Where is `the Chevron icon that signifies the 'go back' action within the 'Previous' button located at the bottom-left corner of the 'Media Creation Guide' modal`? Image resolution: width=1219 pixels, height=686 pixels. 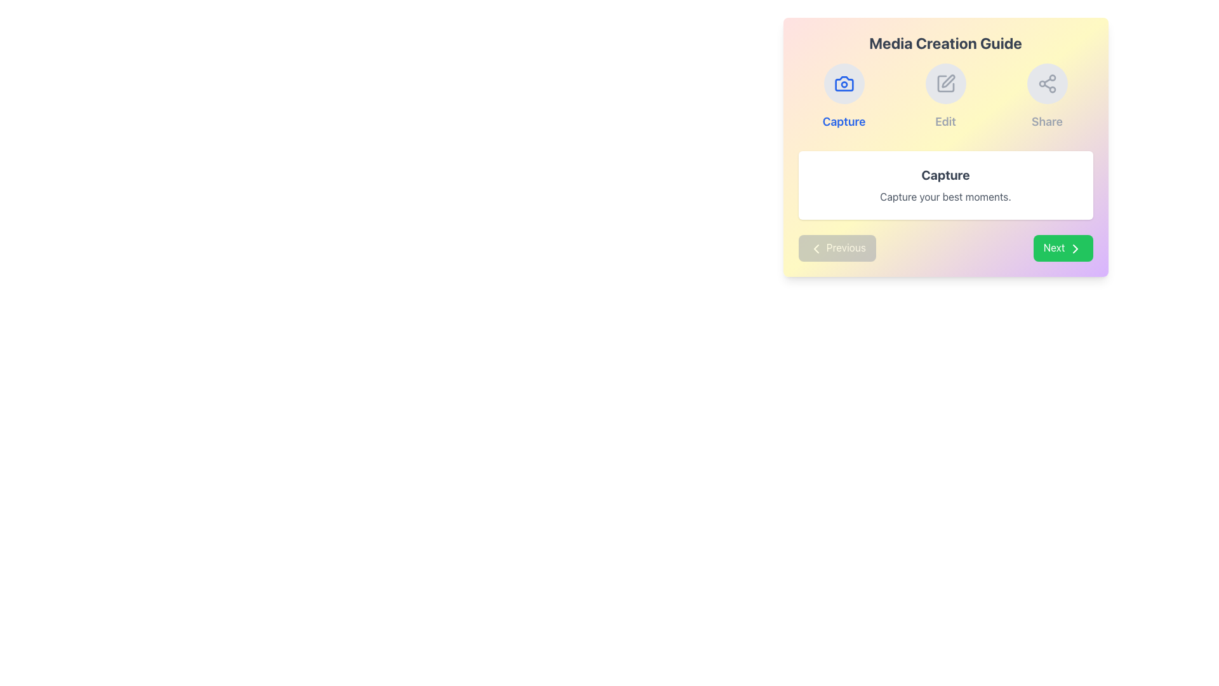 the Chevron icon that signifies the 'go back' action within the 'Previous' button located at the bottom-left corner of the 'Media Creation Guide' modal is located at coordinates (816, 248).